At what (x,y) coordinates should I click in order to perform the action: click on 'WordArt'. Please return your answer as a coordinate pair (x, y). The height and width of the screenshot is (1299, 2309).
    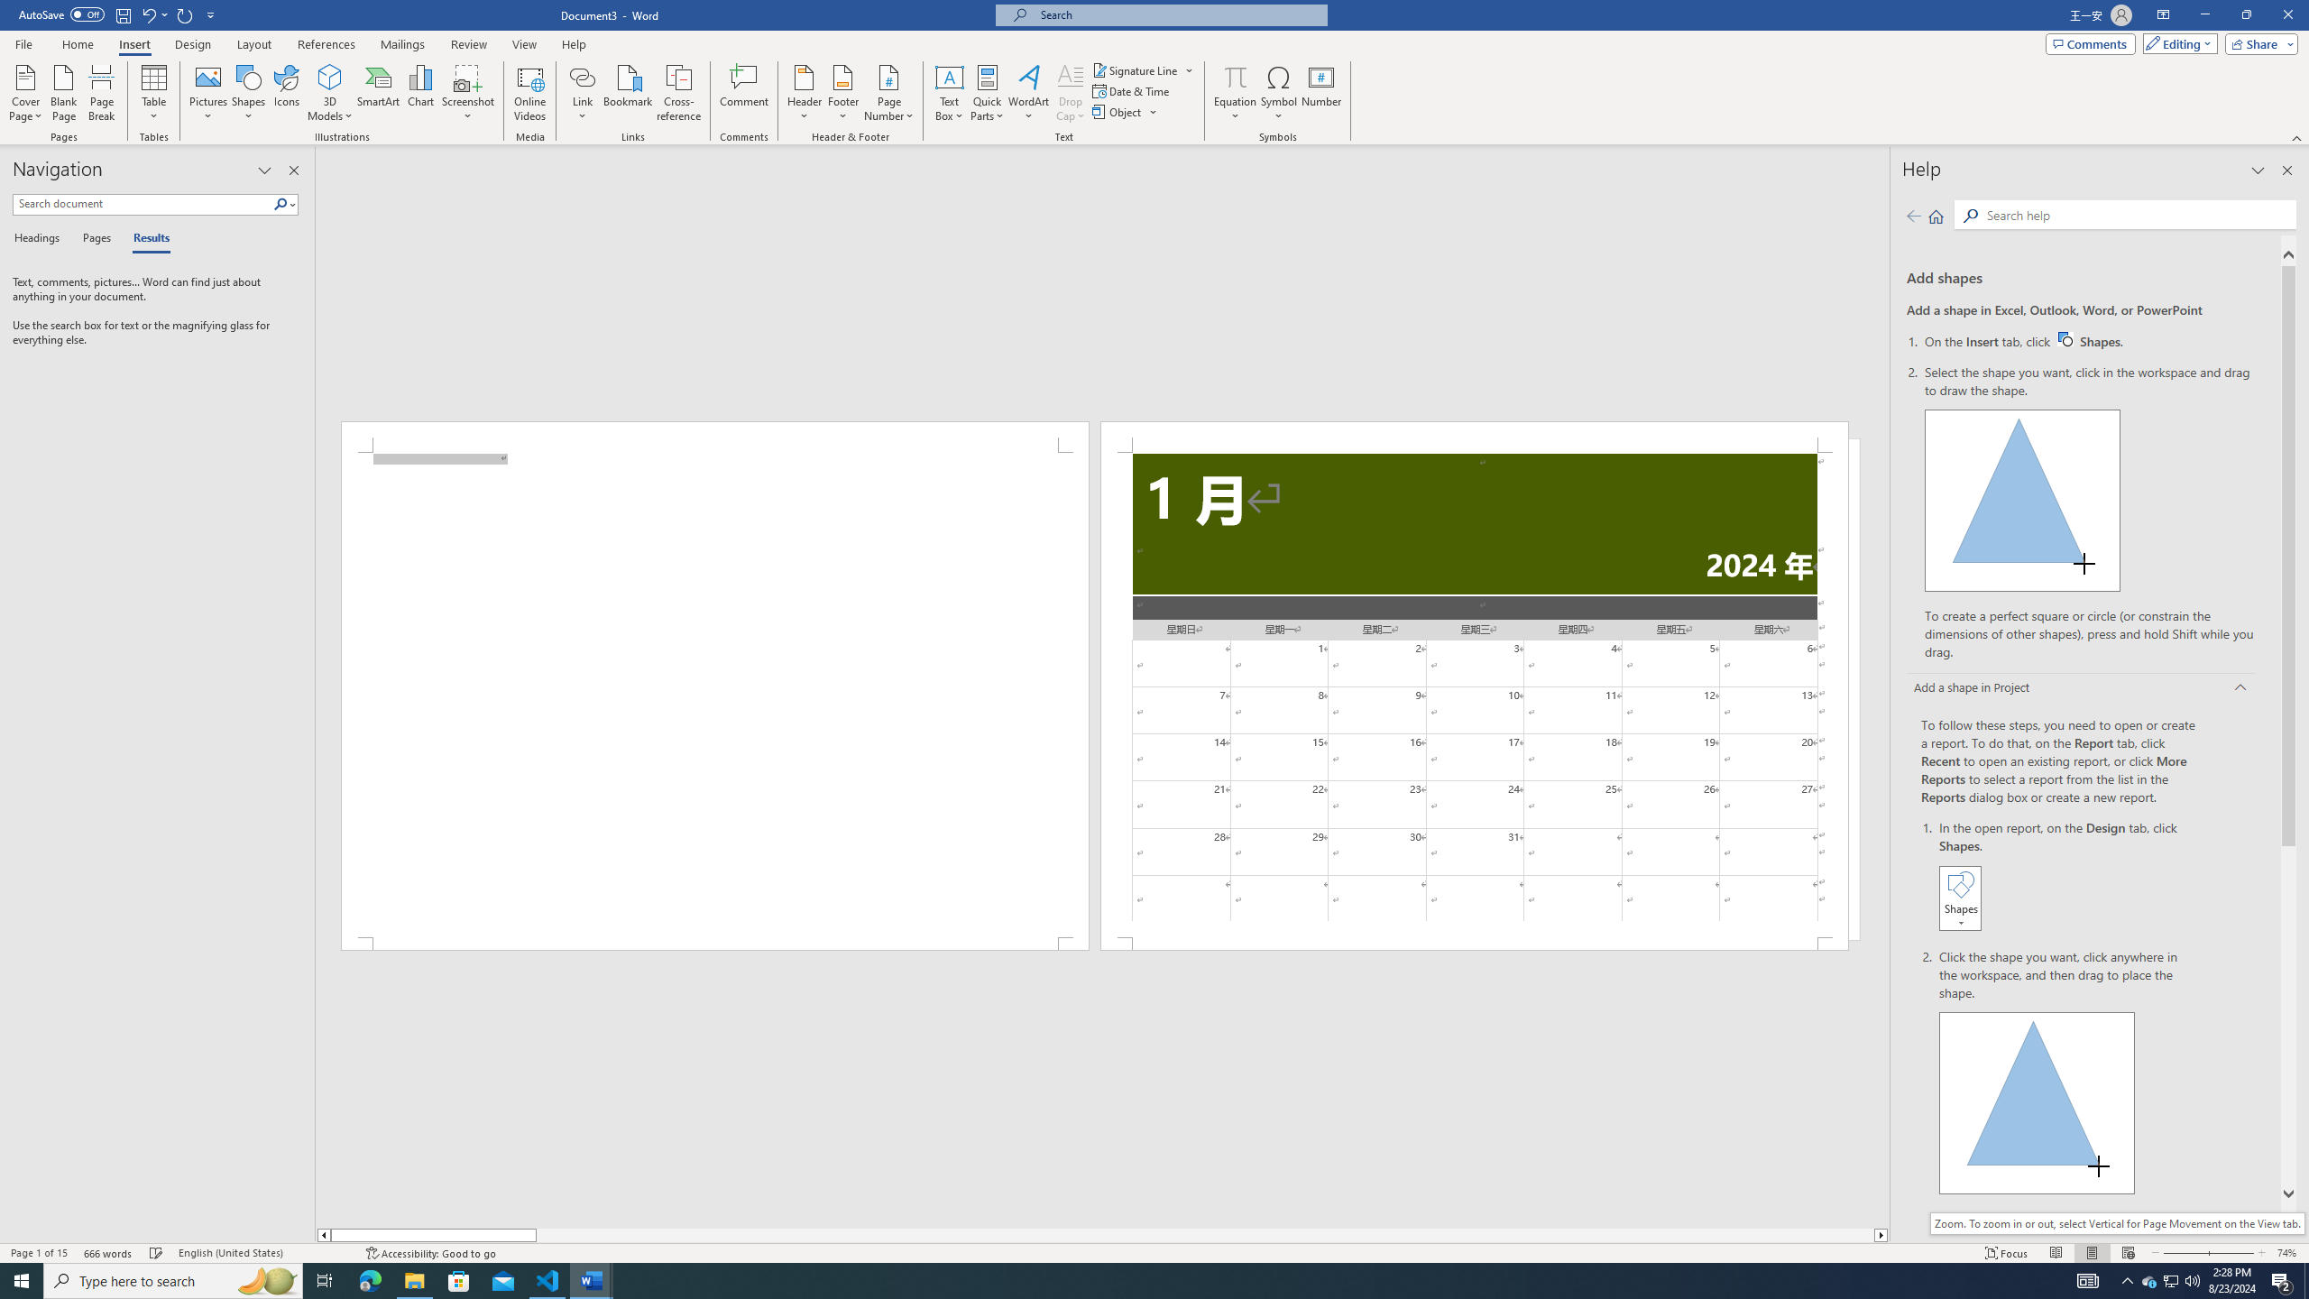
    Looking at the image, I should click on (1028, 93).